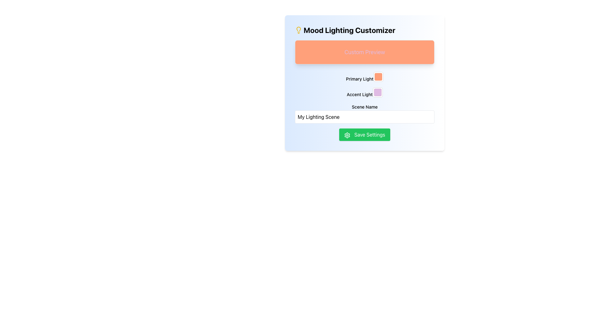 The height and width of the screenshot is (336, 598). I want to click on 'Save Settings' button, which is a bright green rounded rectangular button with white text and a gear wheel icon, for accessibility features, so click(365, 134).